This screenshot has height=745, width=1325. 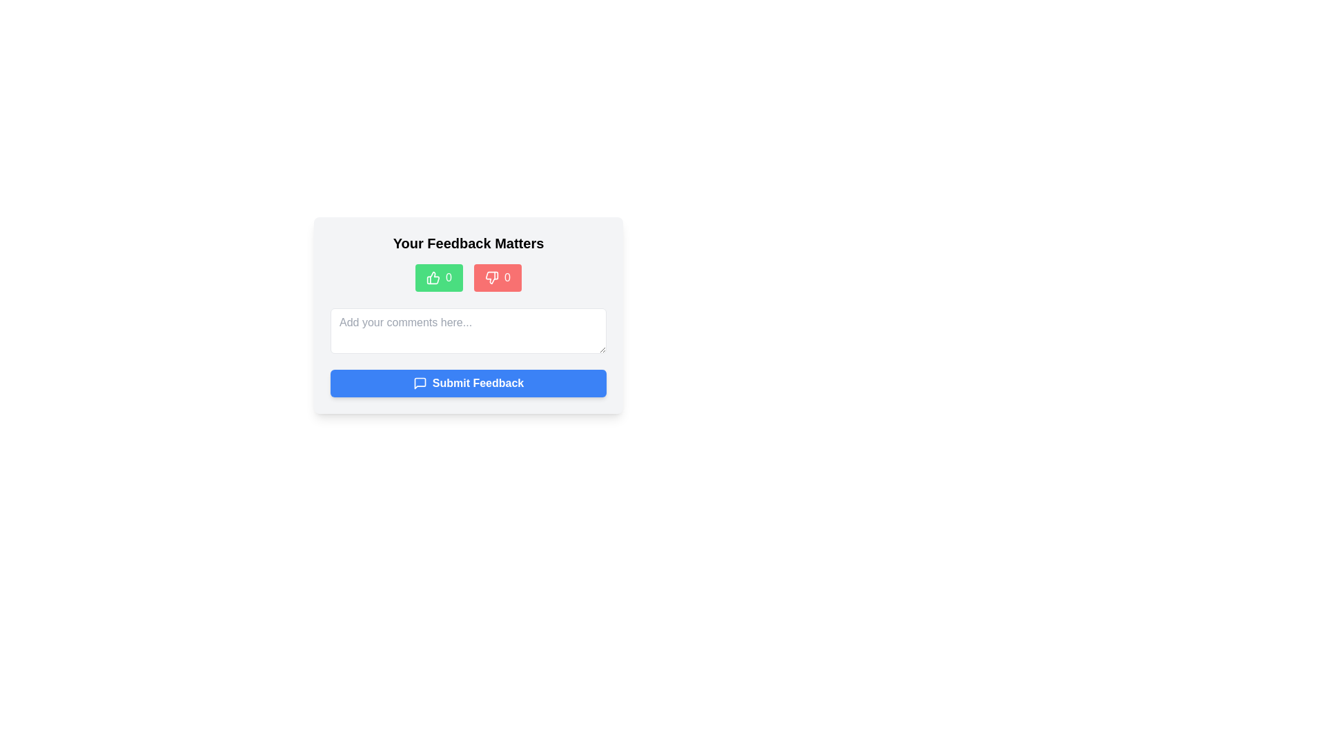 I want to click on the negative feedback icon located to the right of the thumbs-up icon in the feedback panel, so click(x=492, y=277).